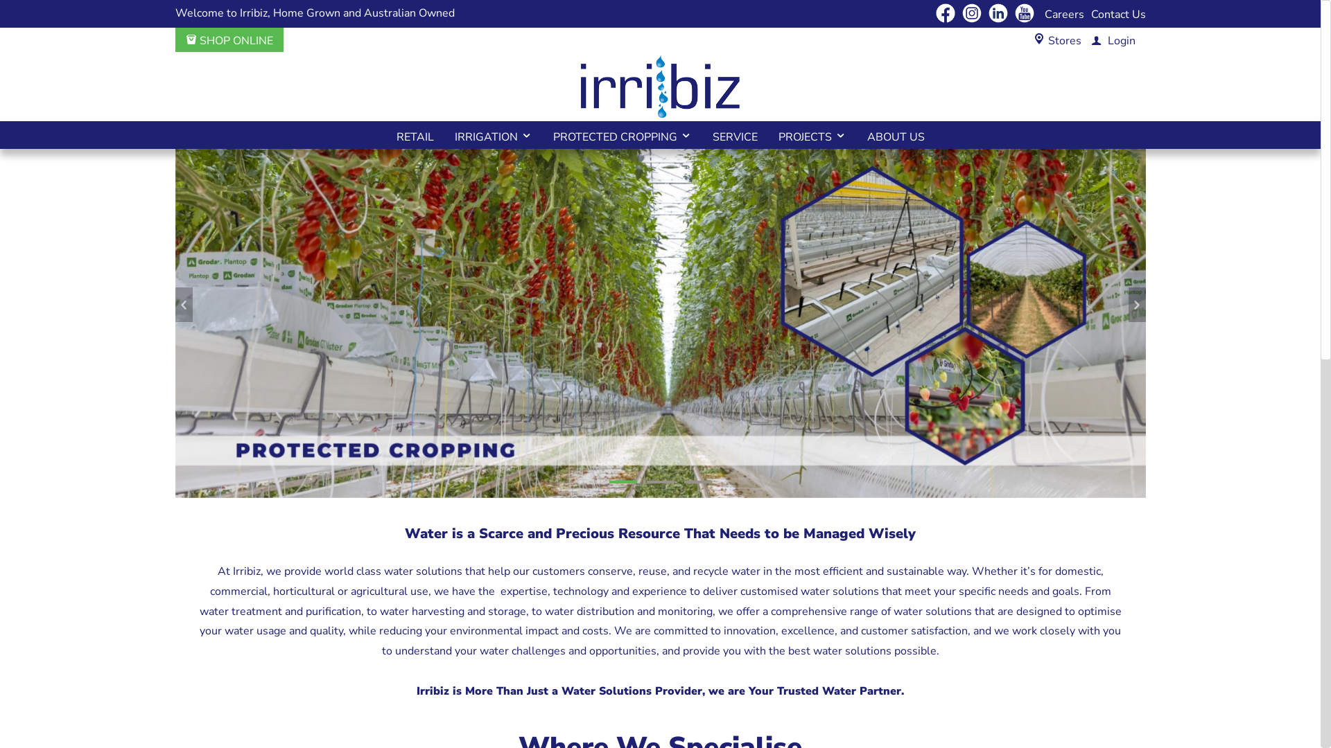 The image size is (1331, 748). What do you see at coordinates (1118, 14) in the screenshot?
I see `'Contact Us'` at bounding box center [1118, 14].